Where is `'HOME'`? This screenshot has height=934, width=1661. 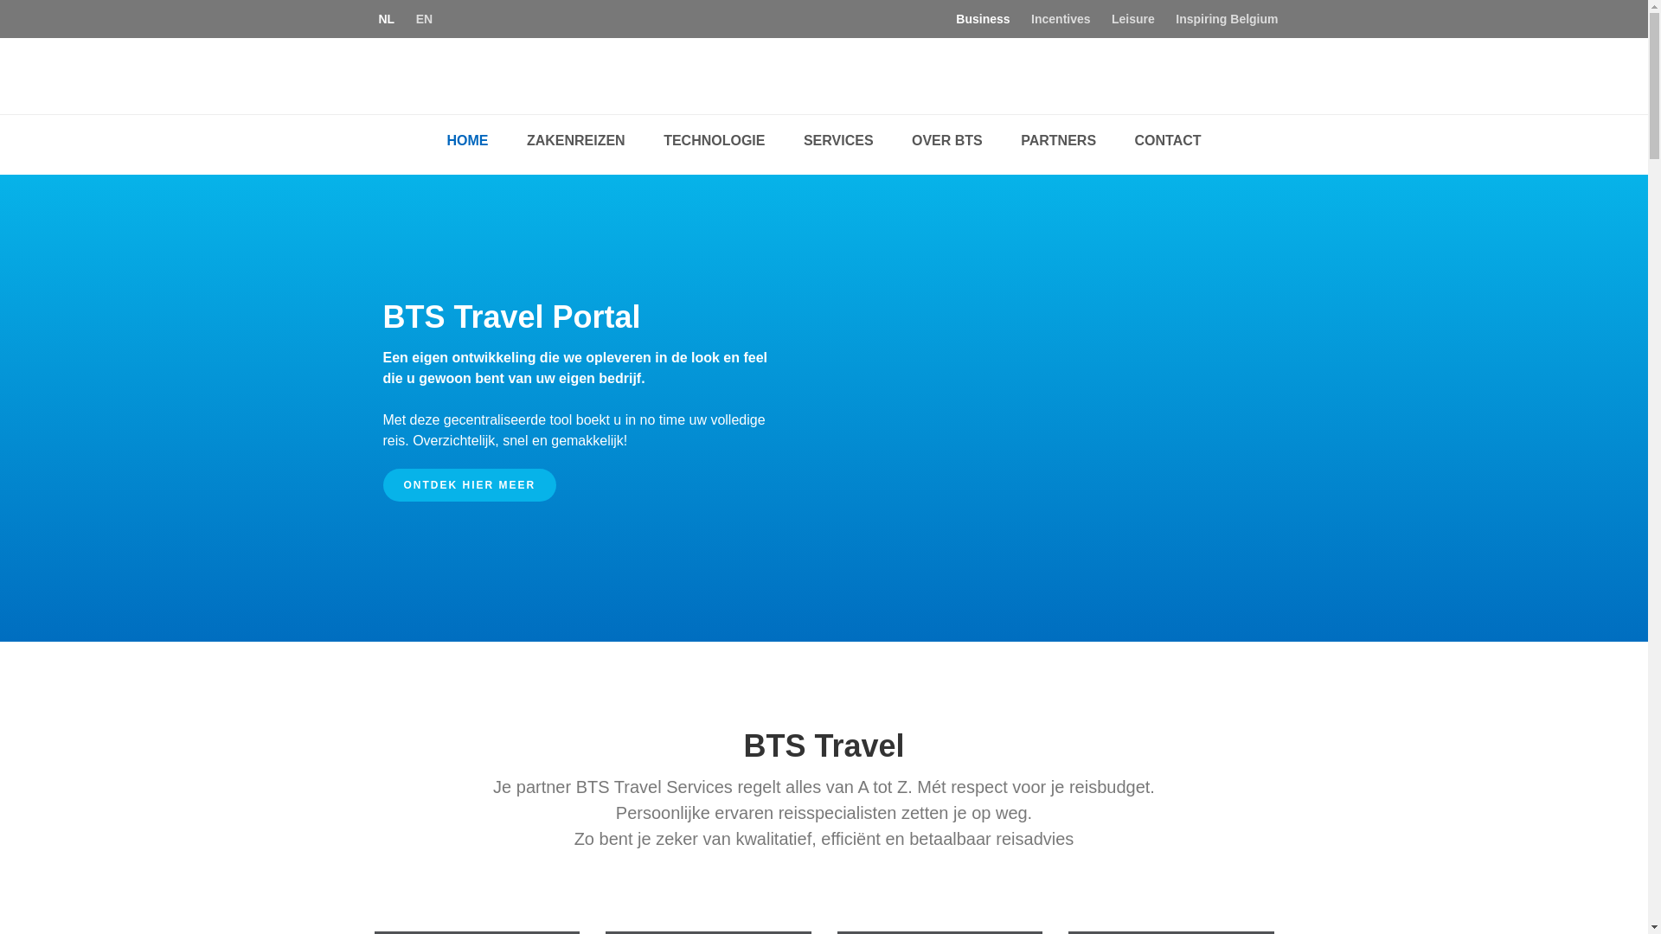
'HOME' is located at coordinates (466, 139).